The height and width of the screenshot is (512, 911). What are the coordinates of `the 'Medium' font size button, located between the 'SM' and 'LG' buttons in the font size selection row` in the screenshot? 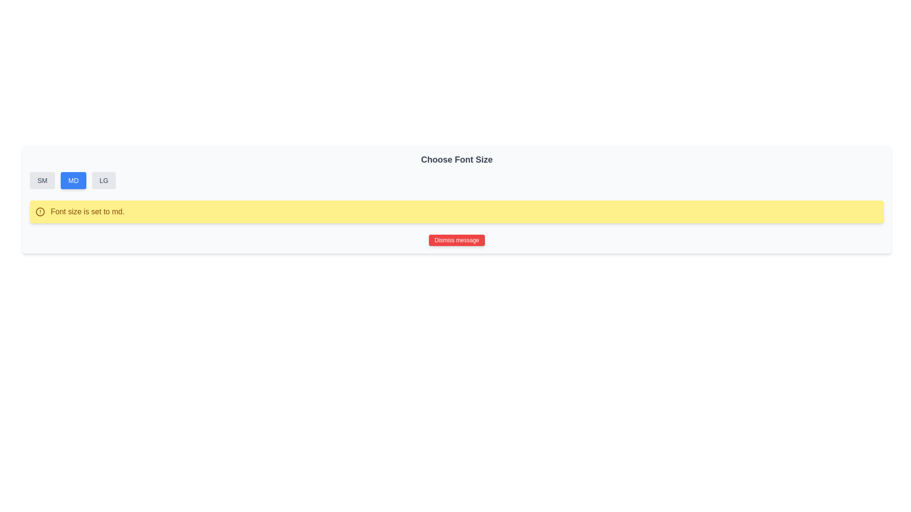 It's located at (73, 181).